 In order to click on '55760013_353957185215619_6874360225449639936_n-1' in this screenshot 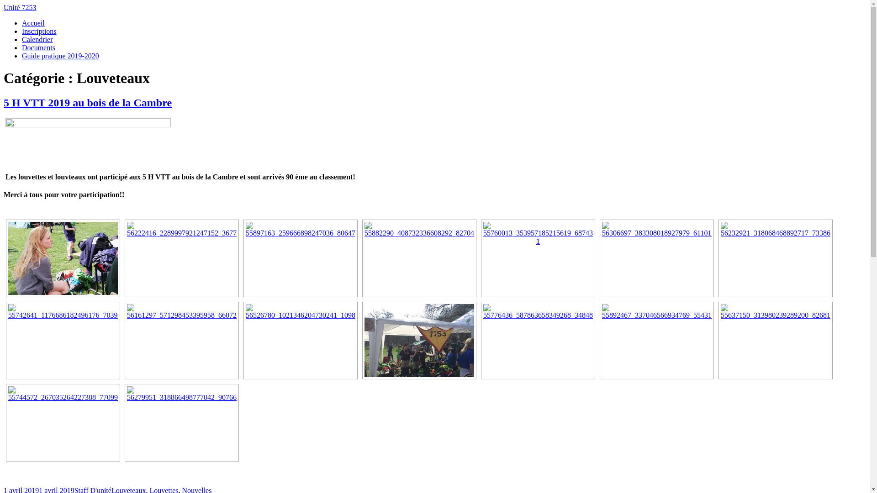, I will do `click(538, 258)`.